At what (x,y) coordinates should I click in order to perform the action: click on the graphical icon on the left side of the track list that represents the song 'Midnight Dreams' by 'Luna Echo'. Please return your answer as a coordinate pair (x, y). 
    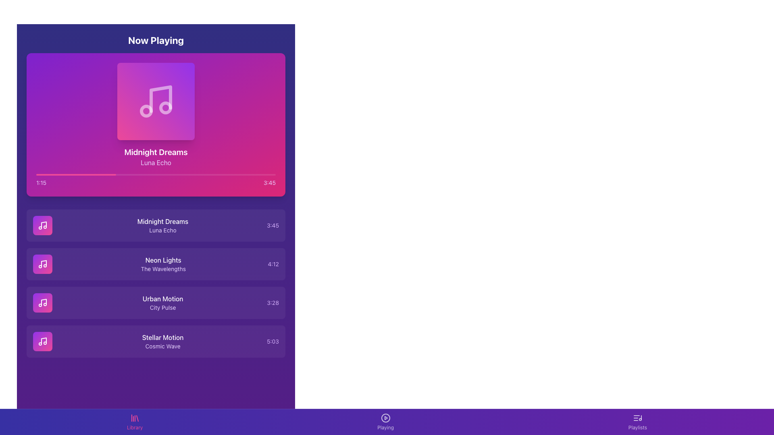
    Looking at the image, I should click on (42, 342).